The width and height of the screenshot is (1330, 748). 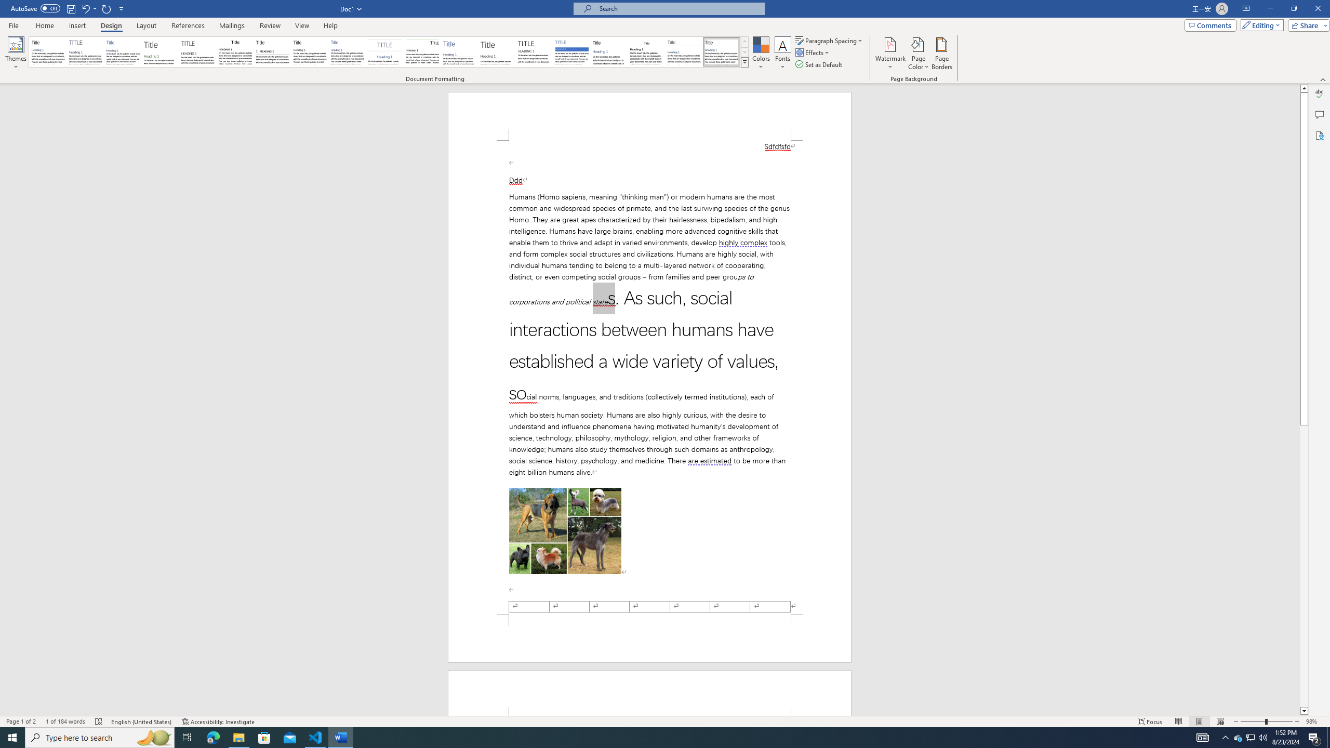 I want to click on 'Shaded', so click(x=571, y=51).